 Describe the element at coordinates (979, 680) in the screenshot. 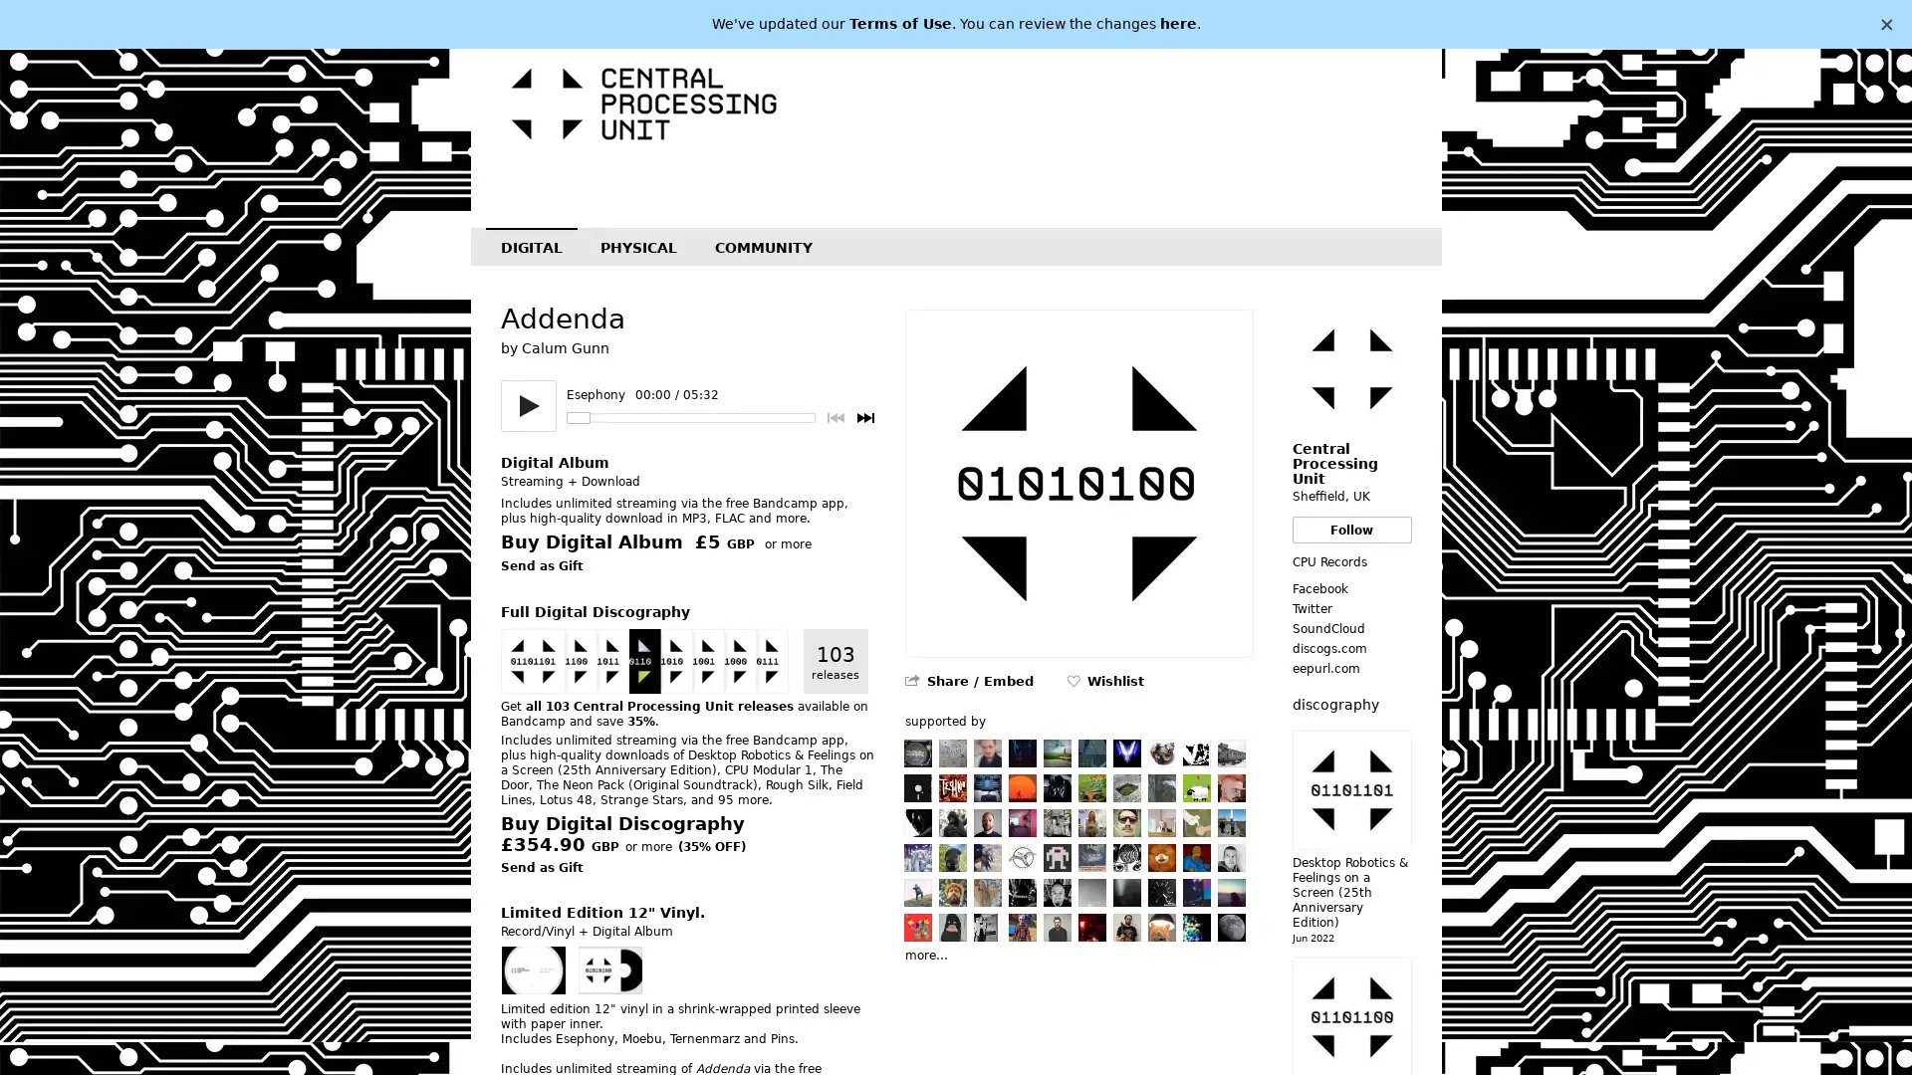

I see `Share / Embed` at that location.